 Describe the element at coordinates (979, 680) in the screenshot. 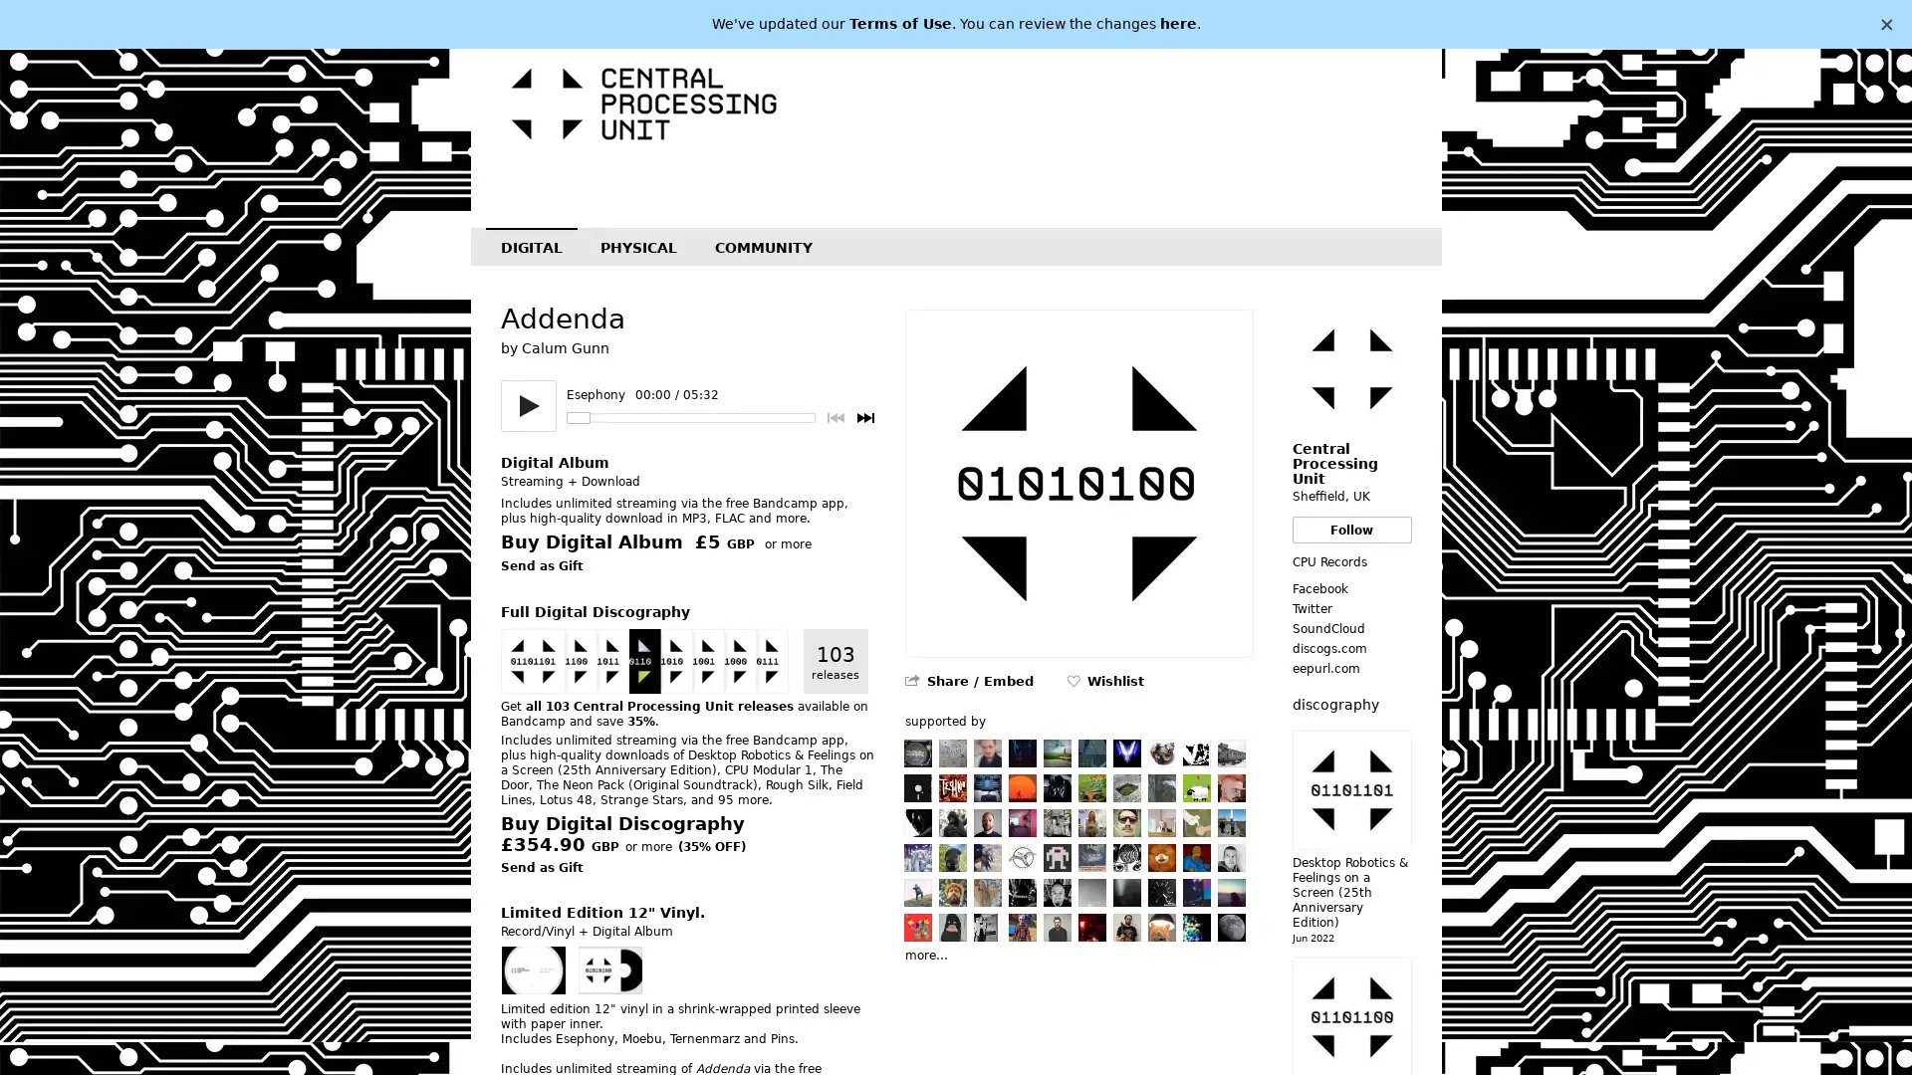

I see `Share / Embed` at that location.